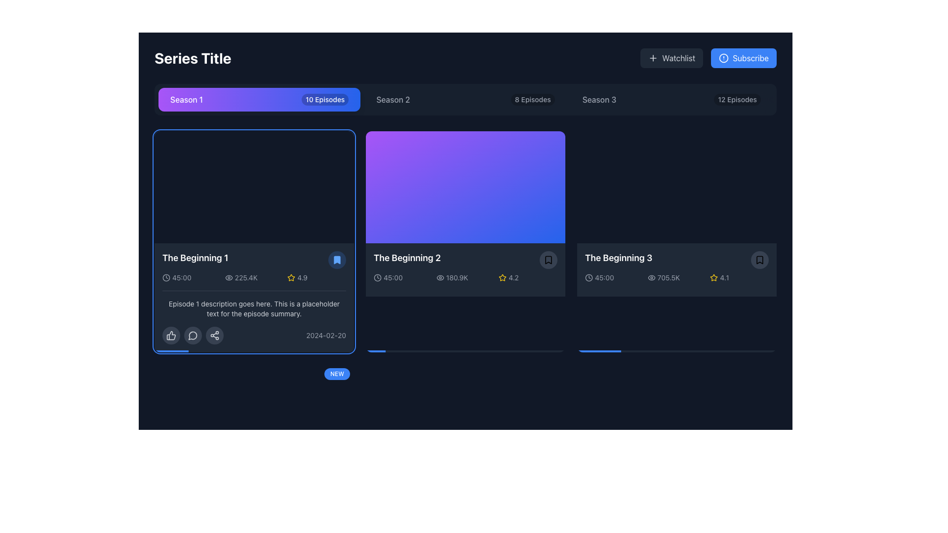  What do you see at coordinates (254, 351) in the screenshot?
I see `the Progress Bar located at the bottom of the card component, which has a dark gray background with a blue progress indicator representing 17% completion` at bounding box center [254, 351].